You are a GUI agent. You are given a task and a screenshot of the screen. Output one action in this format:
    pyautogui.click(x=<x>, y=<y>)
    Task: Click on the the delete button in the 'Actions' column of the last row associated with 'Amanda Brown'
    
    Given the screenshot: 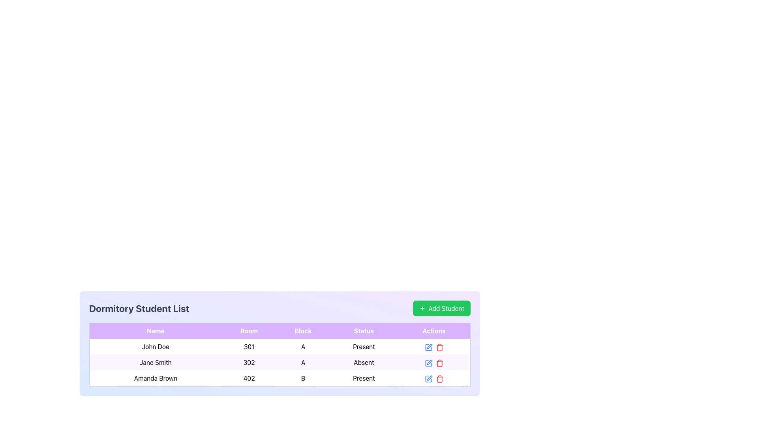 What is the action you would take?
    pyautogui.click(x=433, y=378)
    